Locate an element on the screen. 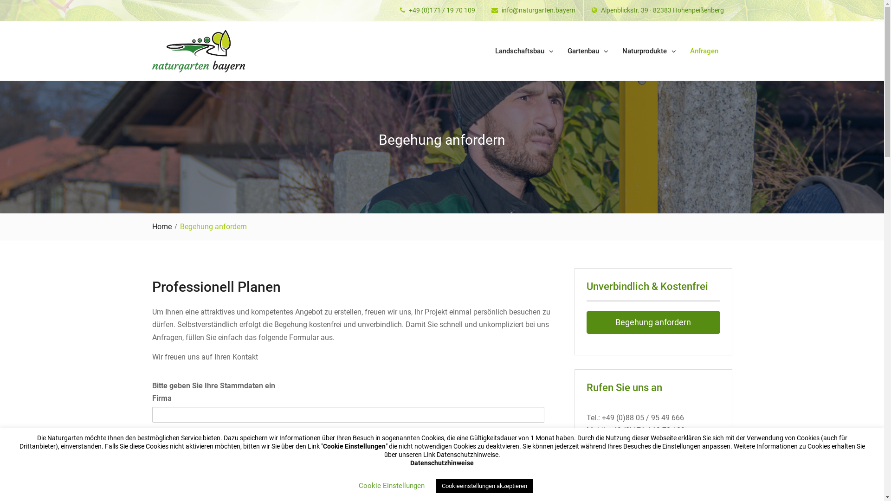 The height and width of the screenshot is (501, 891). 'Anfragen' is located at coordinates (704, 51).